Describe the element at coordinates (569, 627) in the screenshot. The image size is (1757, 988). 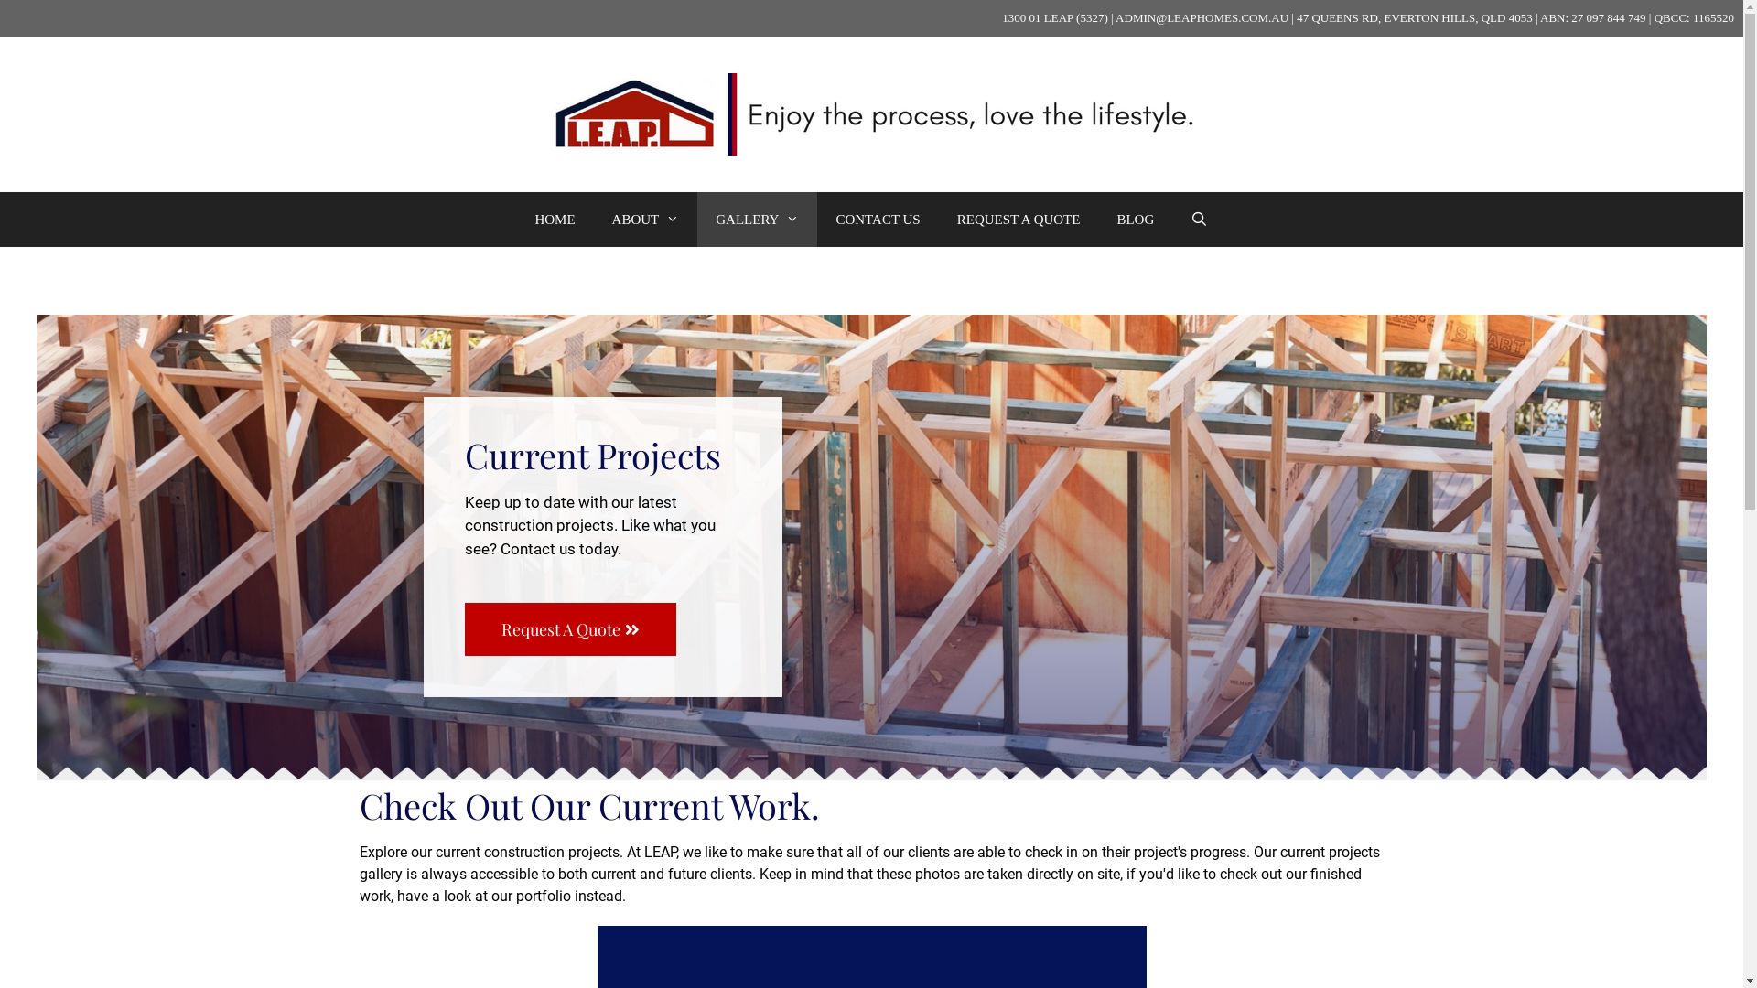
I see `'Request A Quote'` at that location.